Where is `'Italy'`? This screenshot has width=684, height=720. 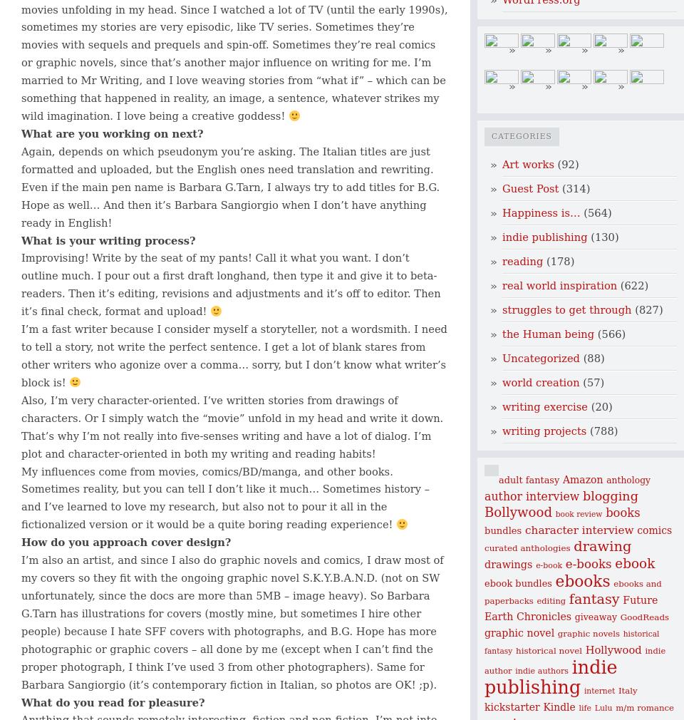
'Italy' is located at coordinates (616, 690).